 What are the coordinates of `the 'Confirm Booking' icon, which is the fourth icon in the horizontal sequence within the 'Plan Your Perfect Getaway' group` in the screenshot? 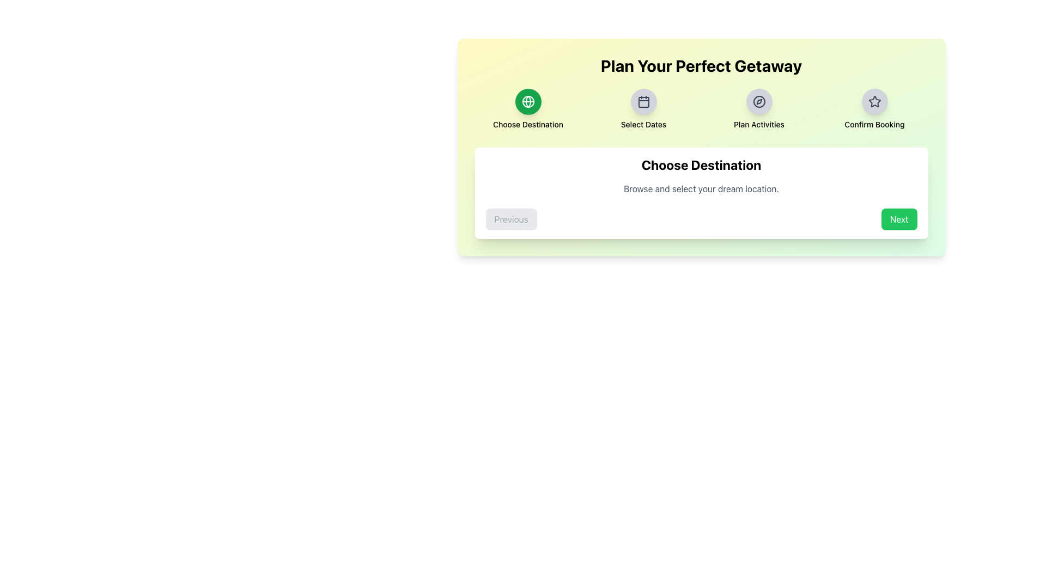 It's located at (874, 101).